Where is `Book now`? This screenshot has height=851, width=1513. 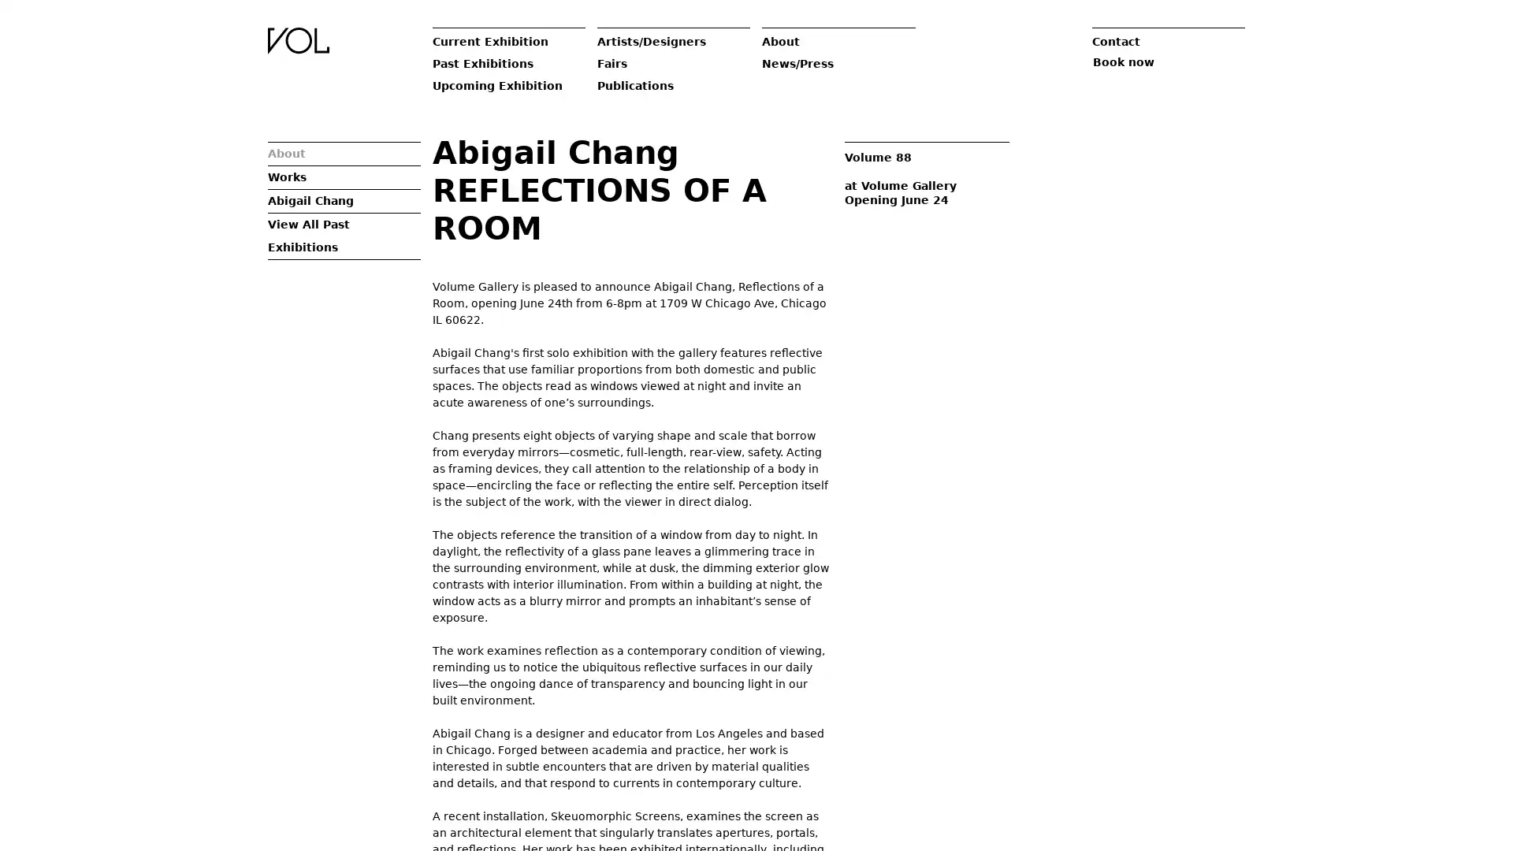 Book now is located at coordinates (1162, 72).